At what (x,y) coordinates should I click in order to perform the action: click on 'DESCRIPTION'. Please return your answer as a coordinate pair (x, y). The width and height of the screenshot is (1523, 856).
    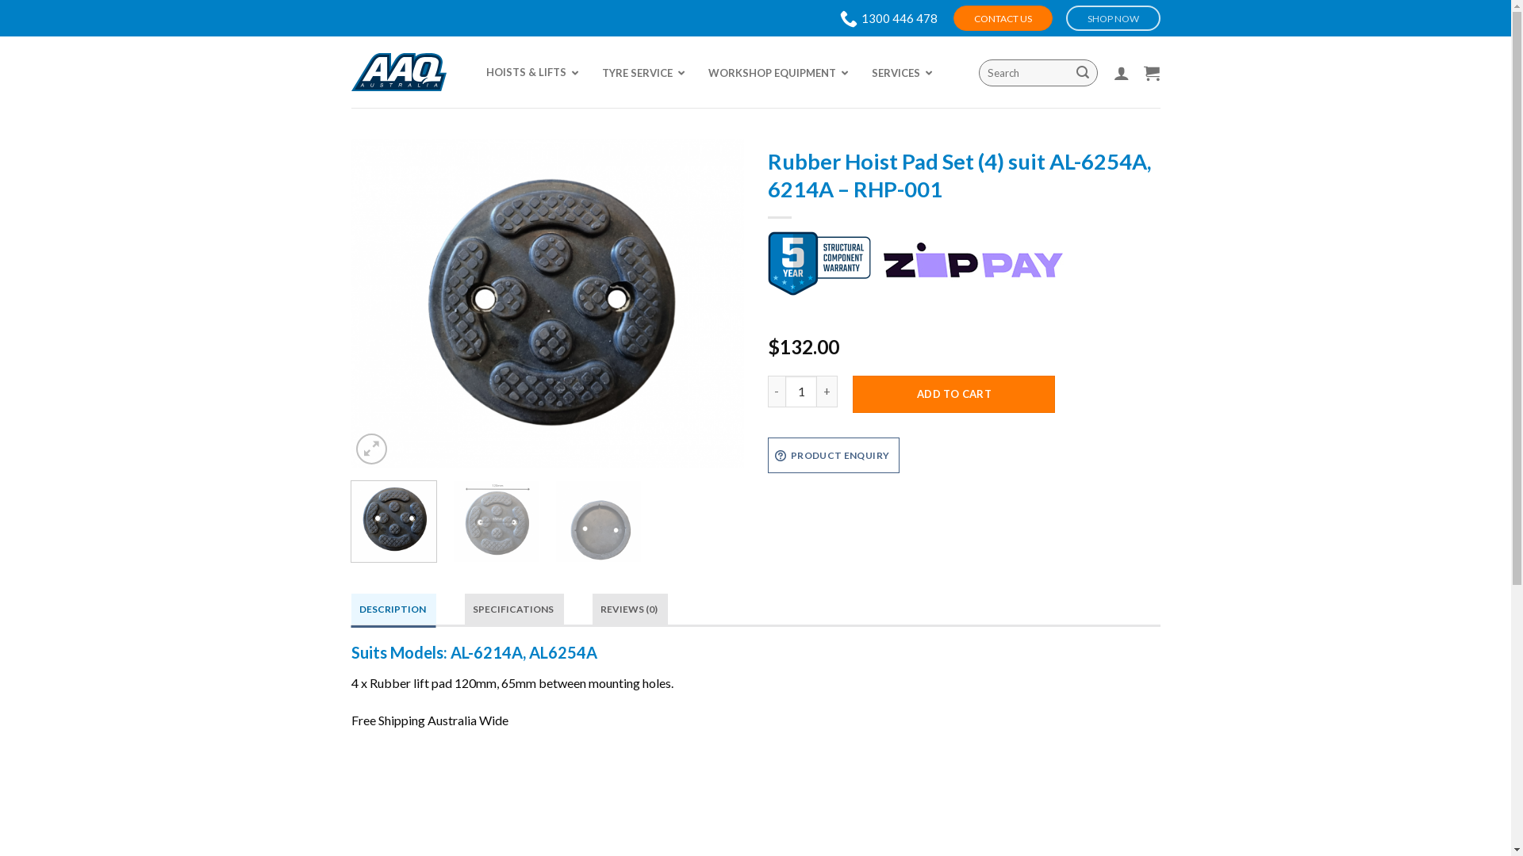
    Looking at the image, I should click on (393, 608).